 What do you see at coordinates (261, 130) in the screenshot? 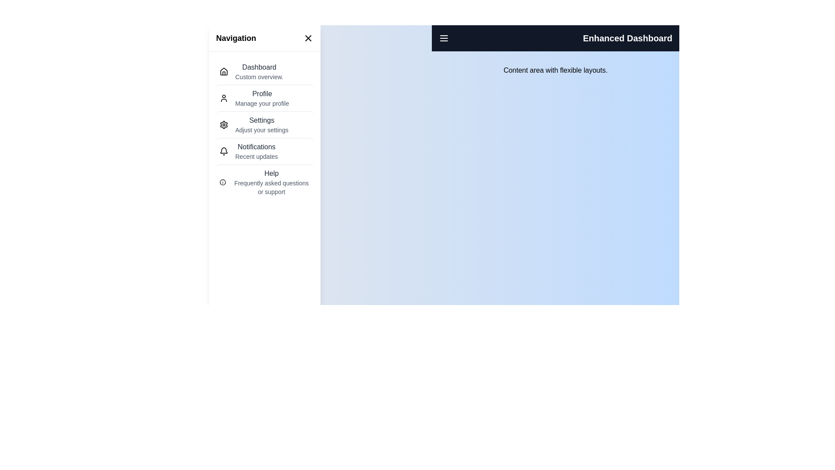
I see `the descriptive text label located directly below the 'Settings' title in the sidebar navigation menu` at bounding box center [261, 130].